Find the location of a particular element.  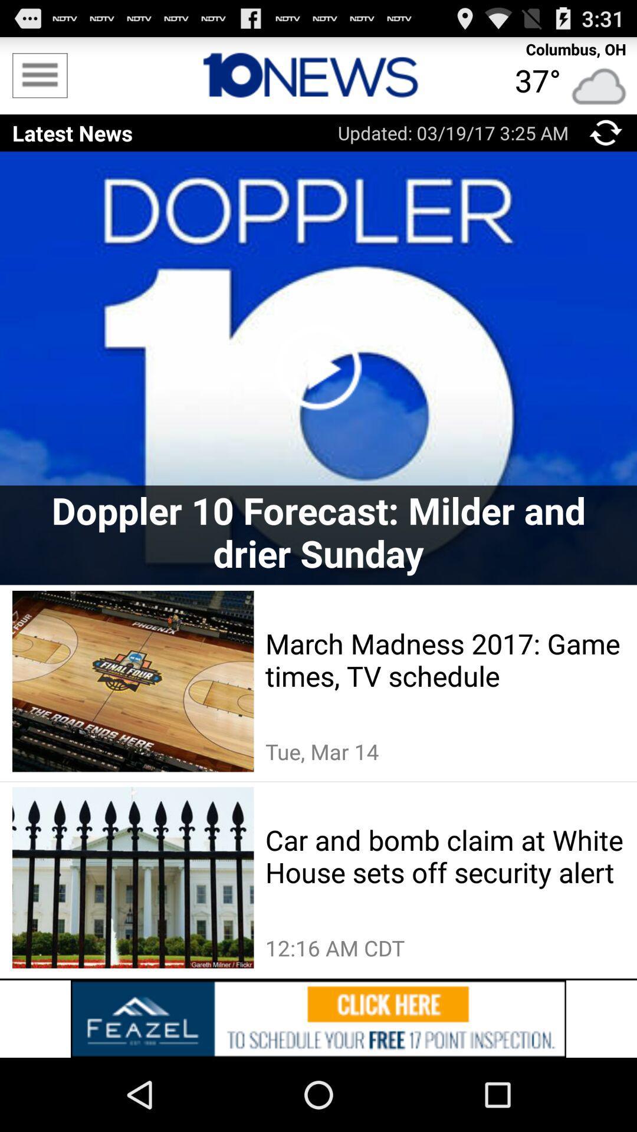

the menu icon is located at coordinates (39, 80).